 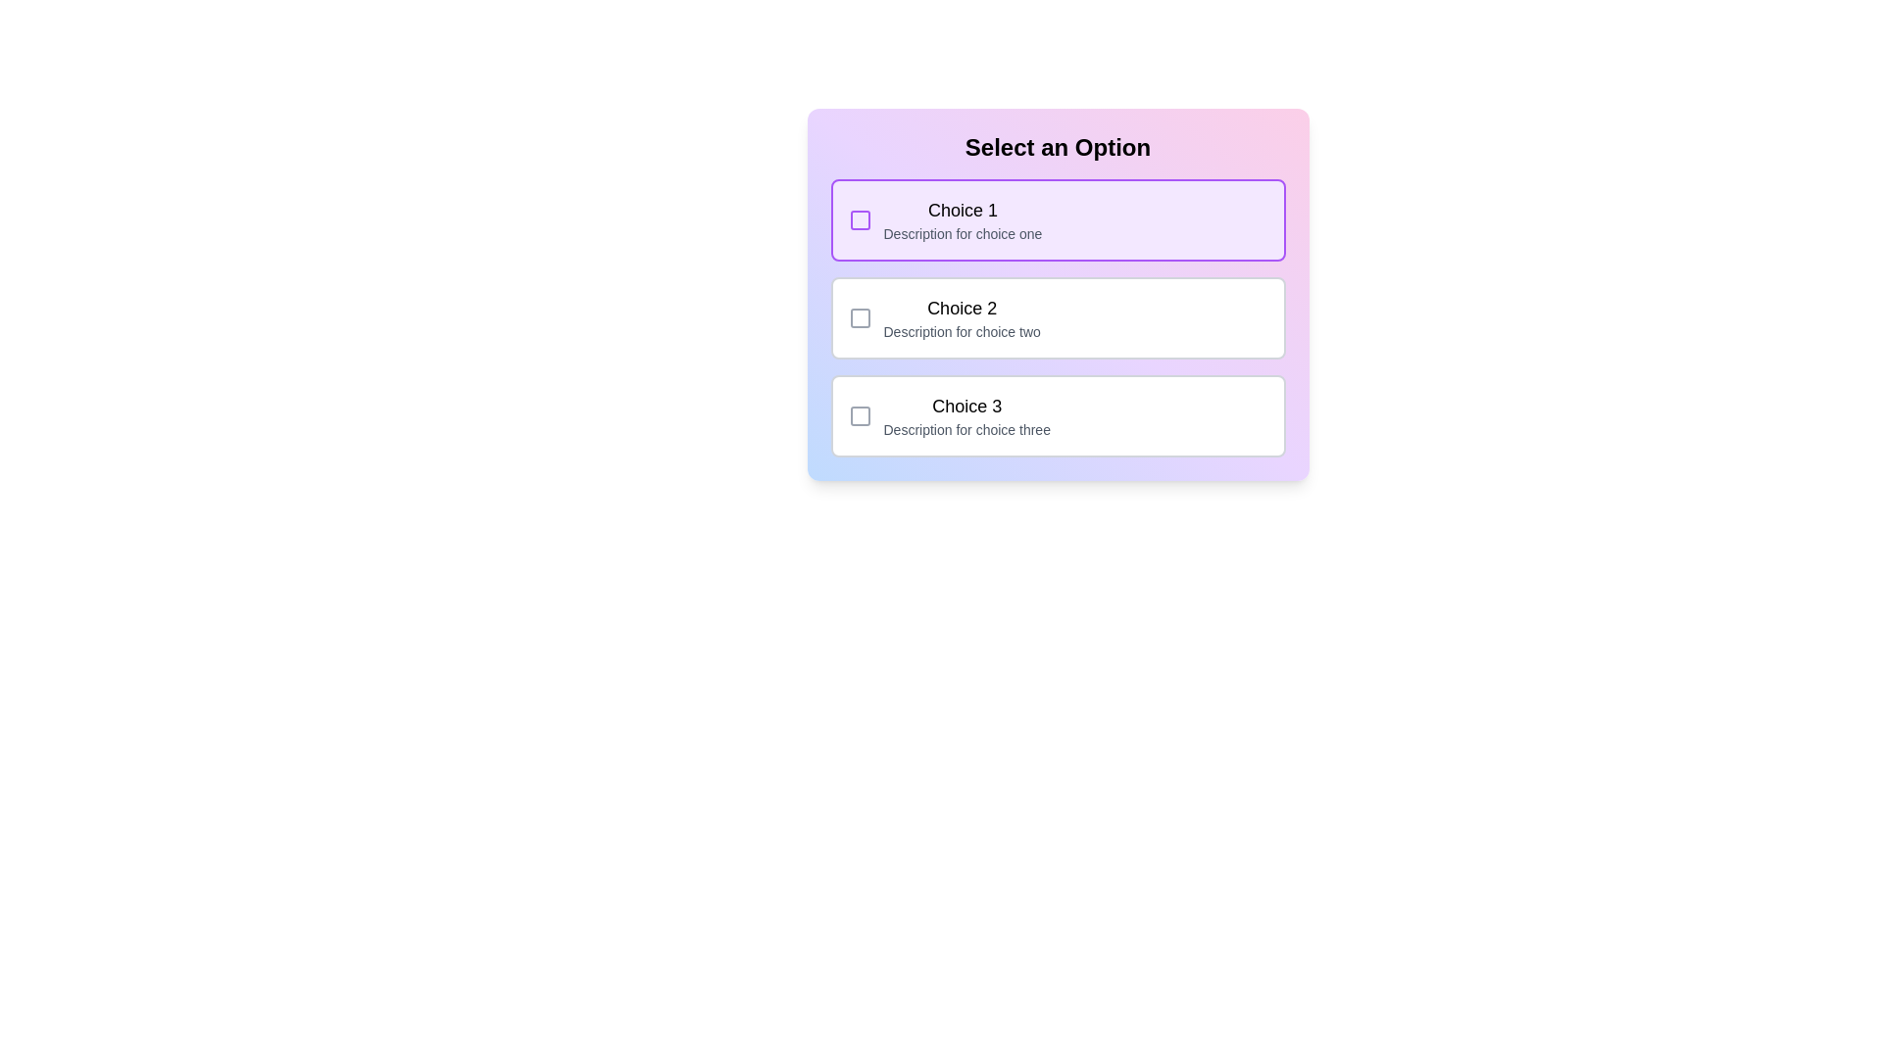 What do you see at coordinates (860, 414) in the screenshot?
I see `the checkbox associated with the third option ('Choice 3')` at bounding box center [860, 414].